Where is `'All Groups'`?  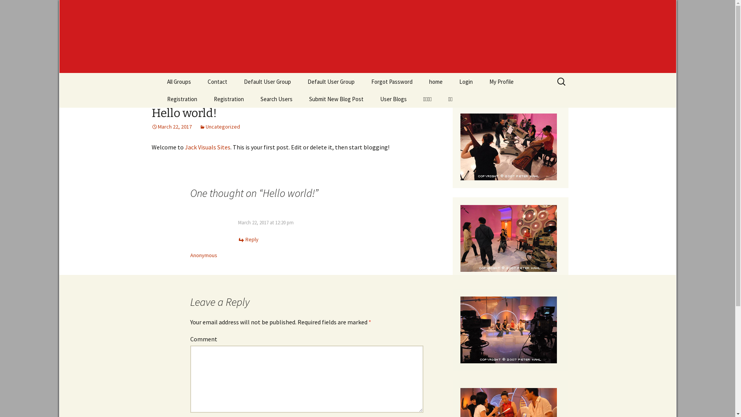 'All Groups' is located at coordinates (178, 81).